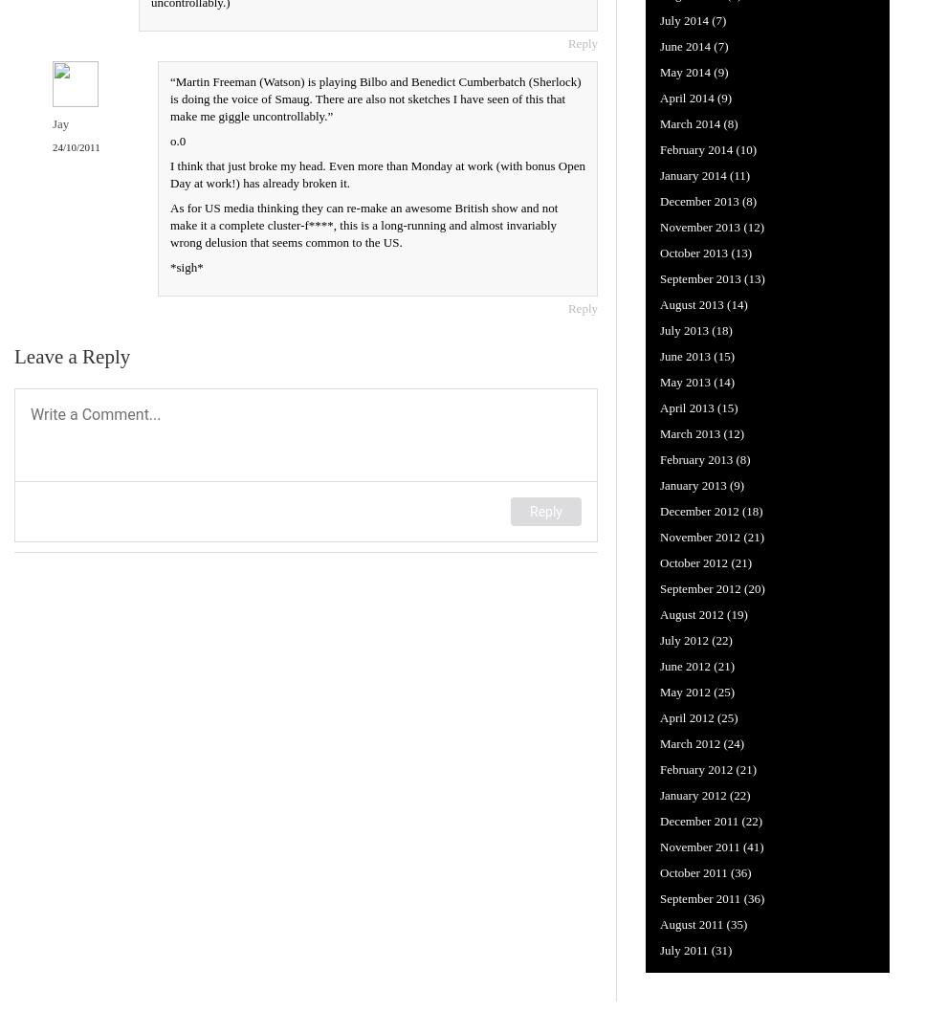 The height and width of the screenshot is (1012, 947). Describe the element at coordinates (689, 431) in the screenshot. I see `'March 2013'` at that location.